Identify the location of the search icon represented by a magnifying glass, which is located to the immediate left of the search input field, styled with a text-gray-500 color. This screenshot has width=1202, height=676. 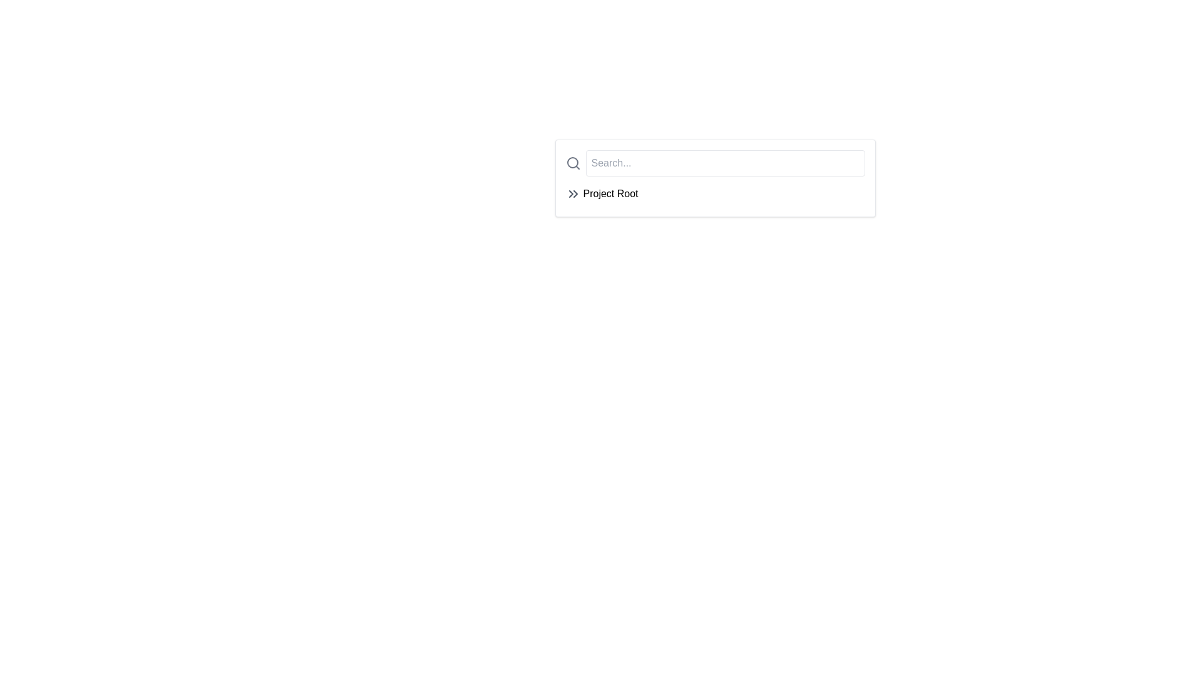
(572, 163).